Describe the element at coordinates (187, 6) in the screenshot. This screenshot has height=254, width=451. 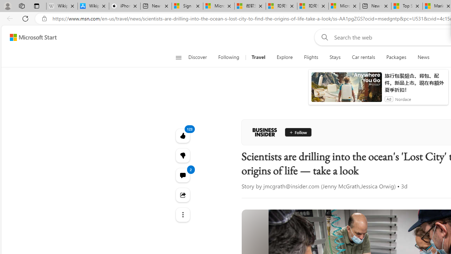
I see `'Sign in to your Microsoft account'` at that location.